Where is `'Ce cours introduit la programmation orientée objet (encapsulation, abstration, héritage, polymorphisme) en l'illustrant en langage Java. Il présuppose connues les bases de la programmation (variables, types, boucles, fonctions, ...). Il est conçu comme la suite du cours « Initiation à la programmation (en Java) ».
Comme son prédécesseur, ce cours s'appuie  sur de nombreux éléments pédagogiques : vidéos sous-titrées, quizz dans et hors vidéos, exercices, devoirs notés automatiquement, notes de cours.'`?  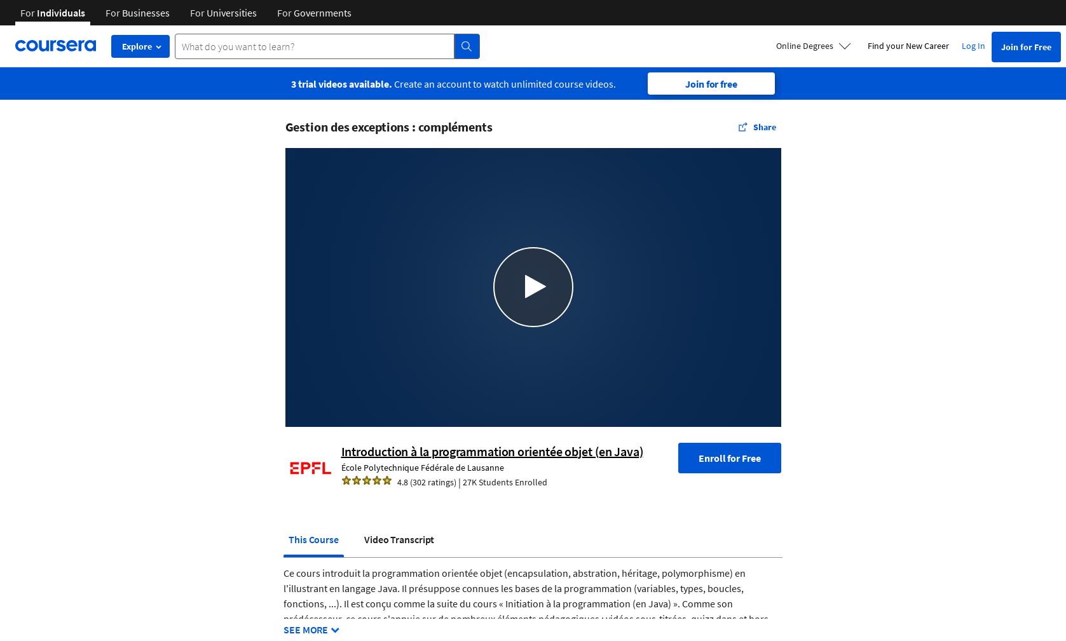
'Ce cours introduit la programmation orientée objet (encapsulation, abstration, héritage, polymorphisme) en l'illustrant en langage Java. Il présuppose connues les bases de la programmation (variables, types, boucles, fonctions, ...). Il est conçu comme la suite du cours « Initiation à la programmation (en Java) ».
Comme son prédécesseur, ce cours s'appuie  sur de nombreux éléments pédagogiques : vidéos sous-titrées, quizz dans et hors vidéos, exercices, devoirs notés automatiquement, notes de cours.' is located at coordinates (526, 602).